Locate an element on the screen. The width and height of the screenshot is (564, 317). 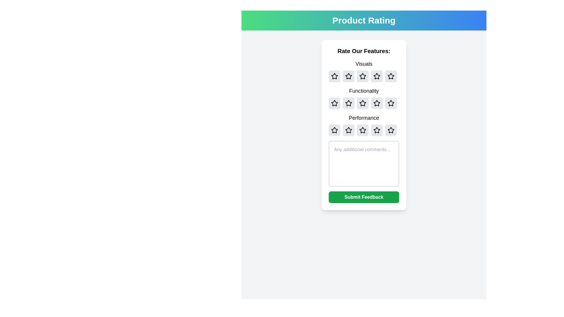
the fourth star-shaped icon in the 'Functionality' category of the rating interface is located at coordinates (391, 103).